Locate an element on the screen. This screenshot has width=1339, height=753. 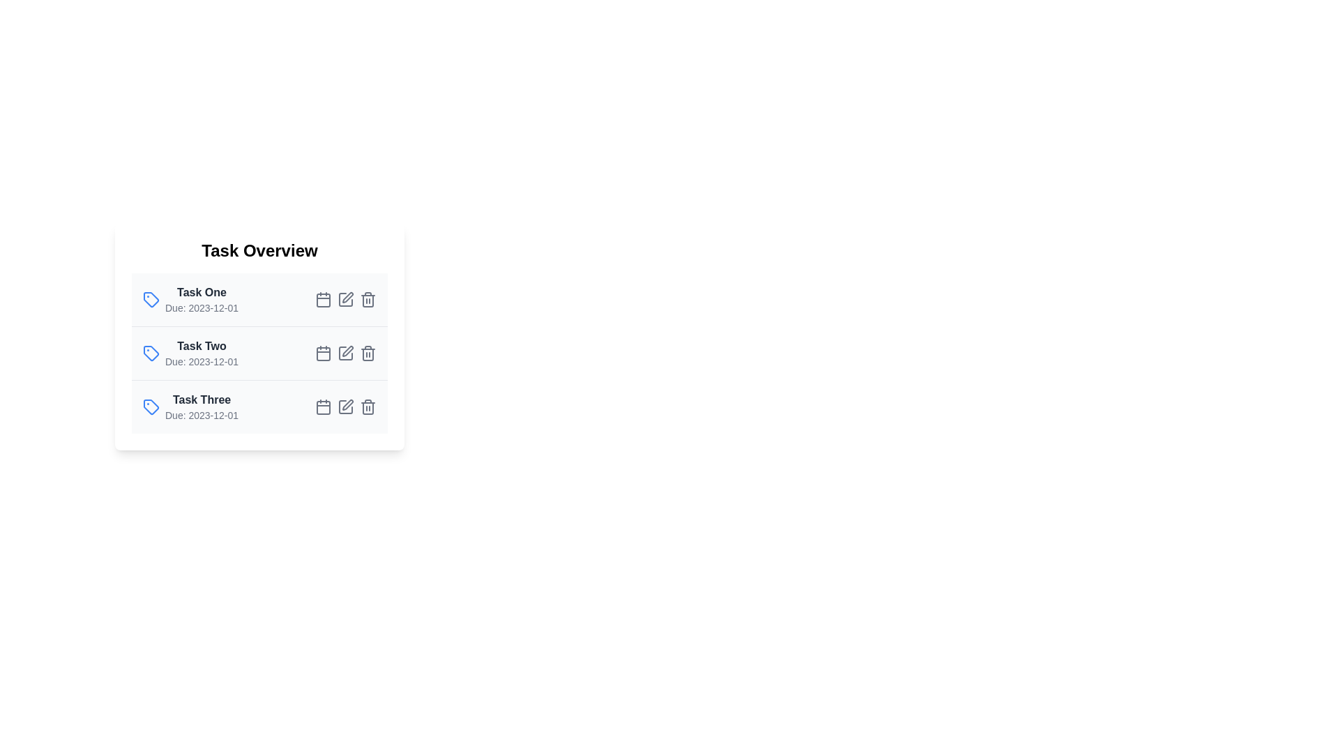
the task item labeled 'Task One' with the due date 'Due: 2023-12-01' is located at coordinates (190, 298).